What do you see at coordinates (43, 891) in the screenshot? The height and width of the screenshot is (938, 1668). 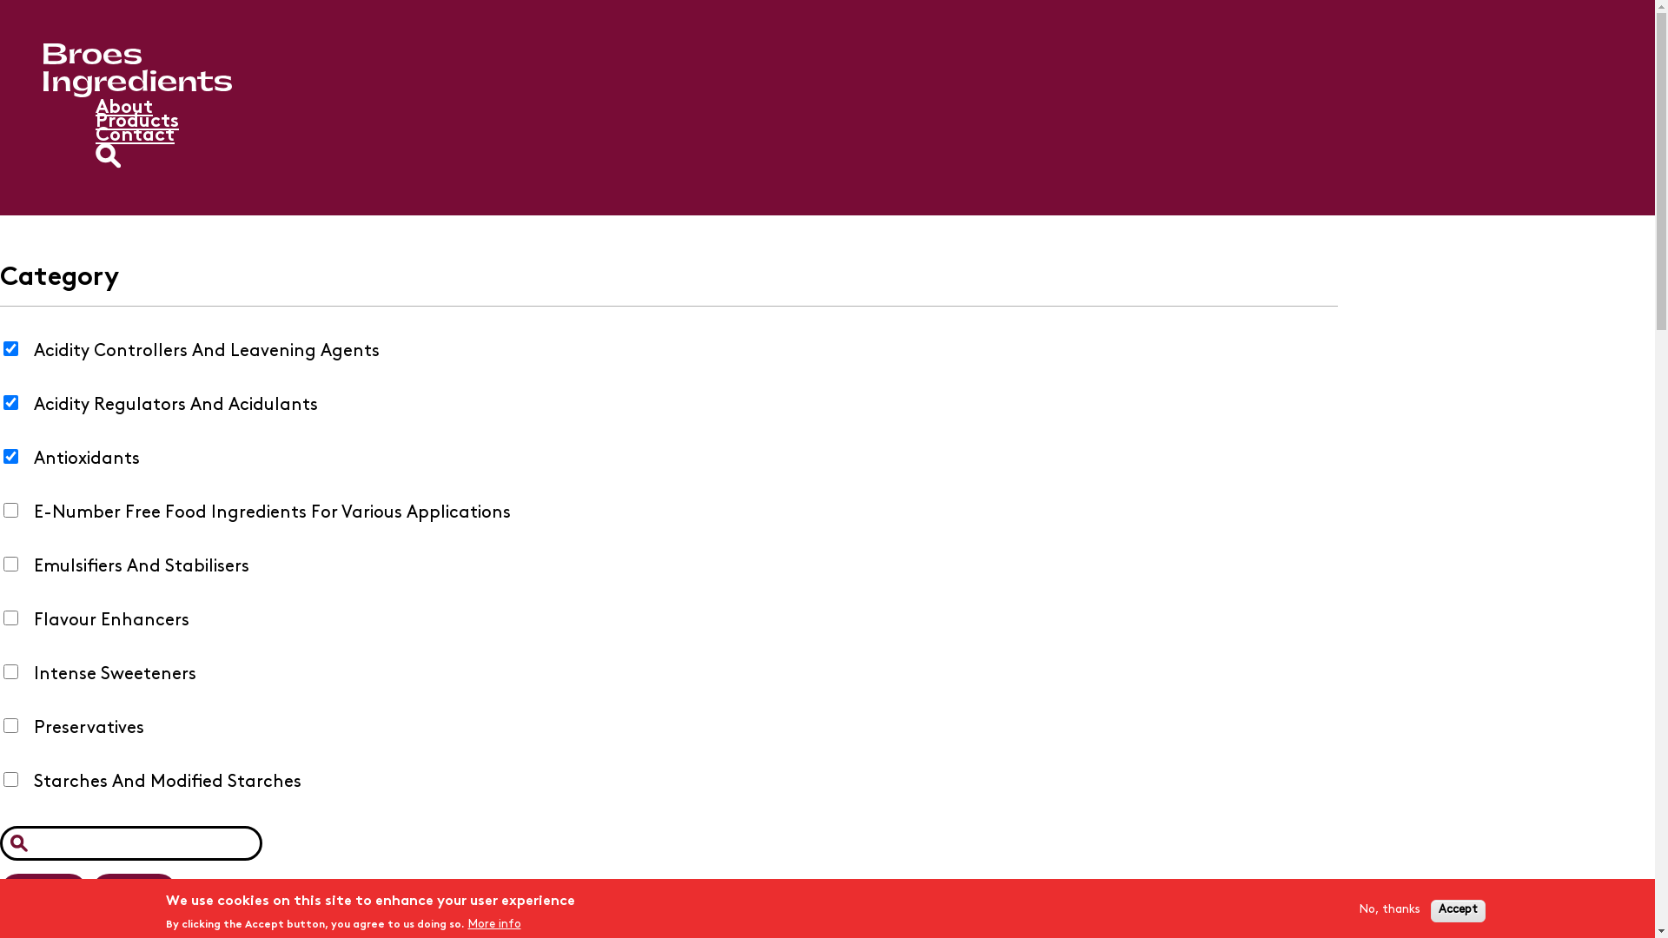 I see `'Apply'` at bounding box center [43, 891].